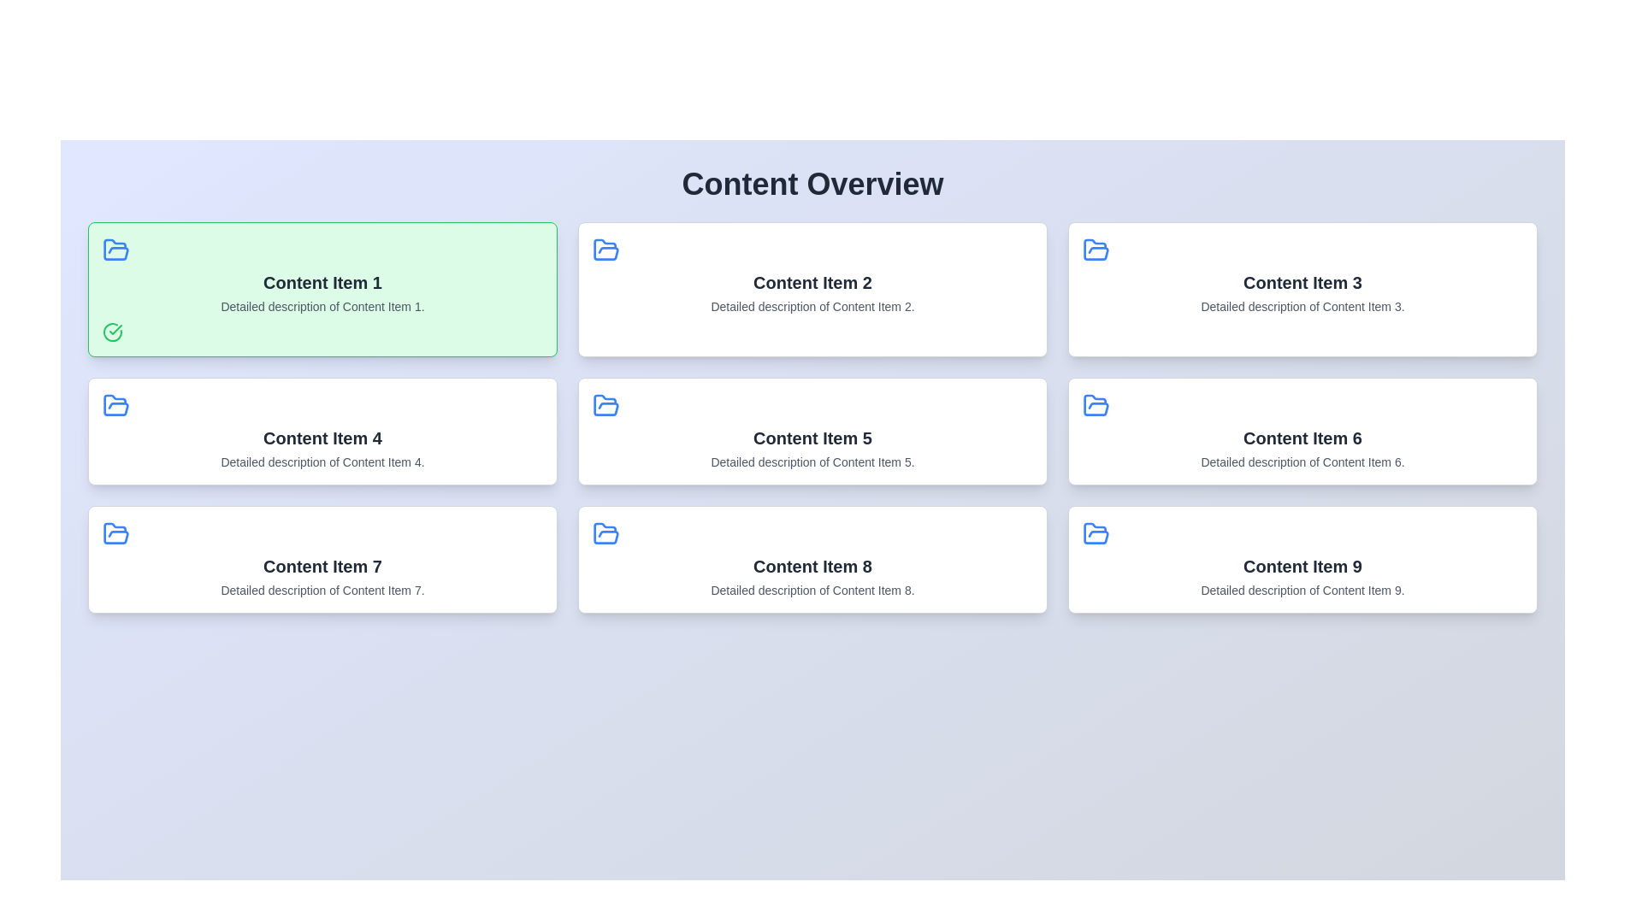 This screenshot has width=1642, height=923. I want to click on the second card element in the grid layout, so click(812, 289).